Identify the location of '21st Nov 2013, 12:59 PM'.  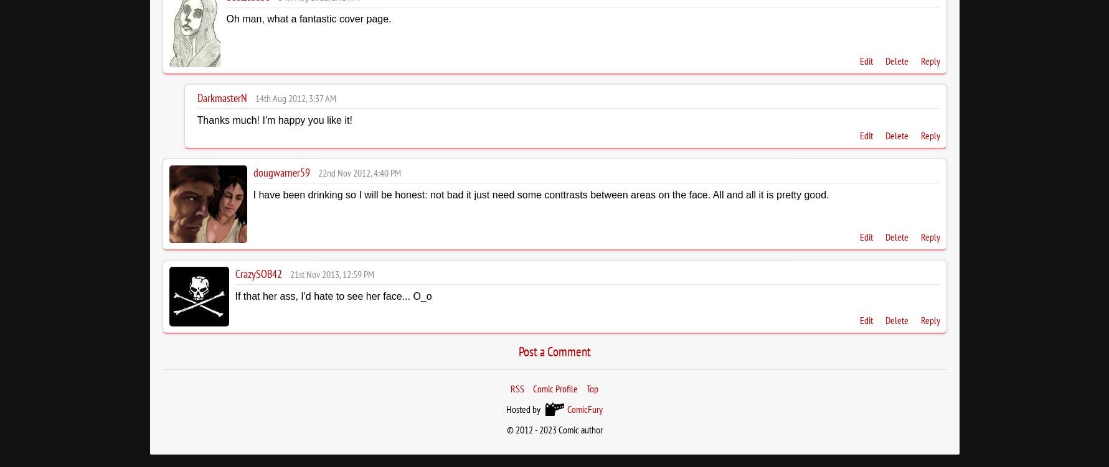
(331, 273).